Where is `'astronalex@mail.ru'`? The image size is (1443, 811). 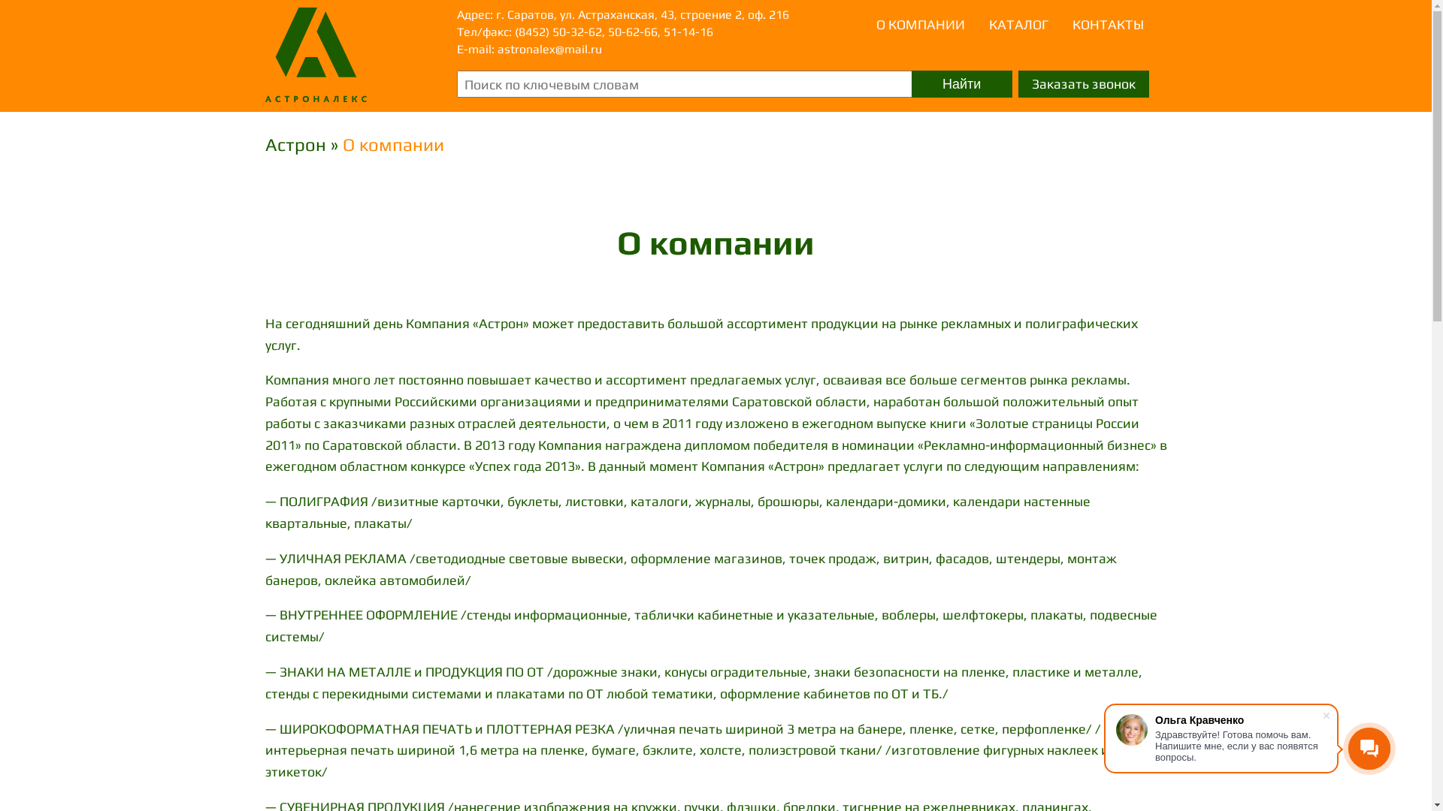
'astronalex@mail.ru' is located at coordinates (498, 48).